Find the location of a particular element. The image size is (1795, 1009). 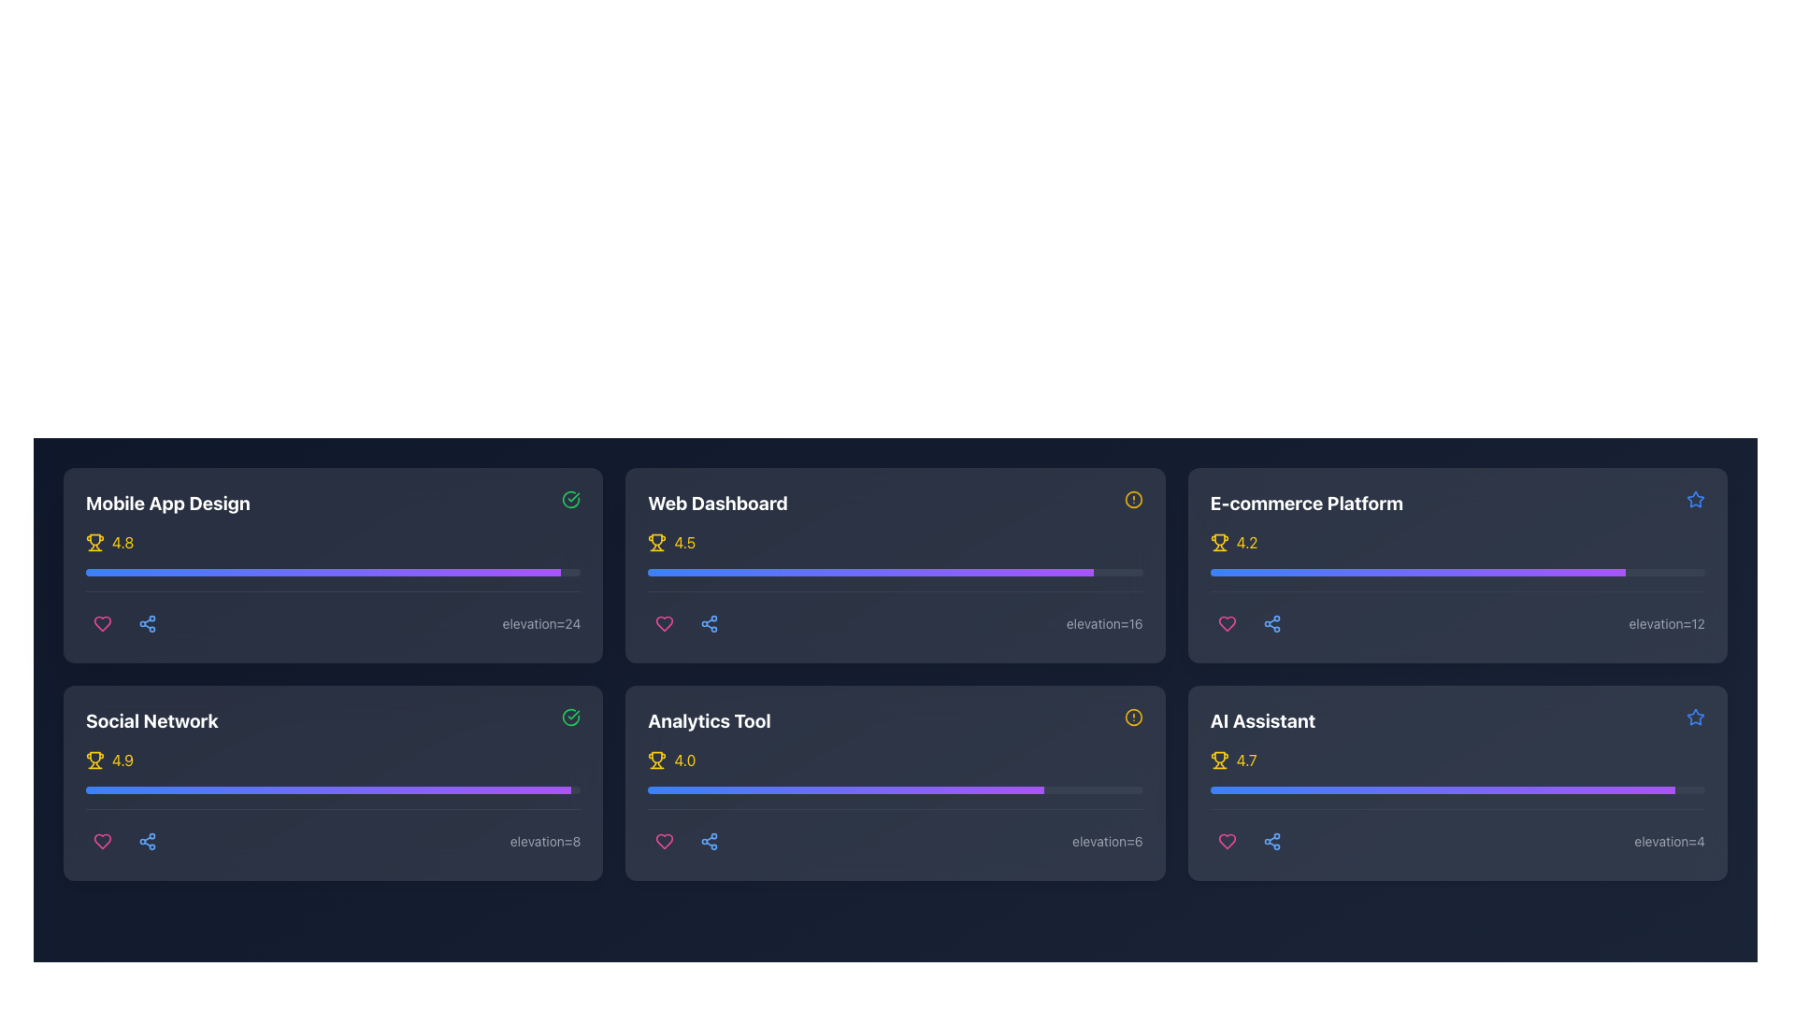

the progress status of the progress bar located beneath the rating of 4.8 and the trophy icon within the 'Mobile App Design' card is located at coordinates (333, 585).